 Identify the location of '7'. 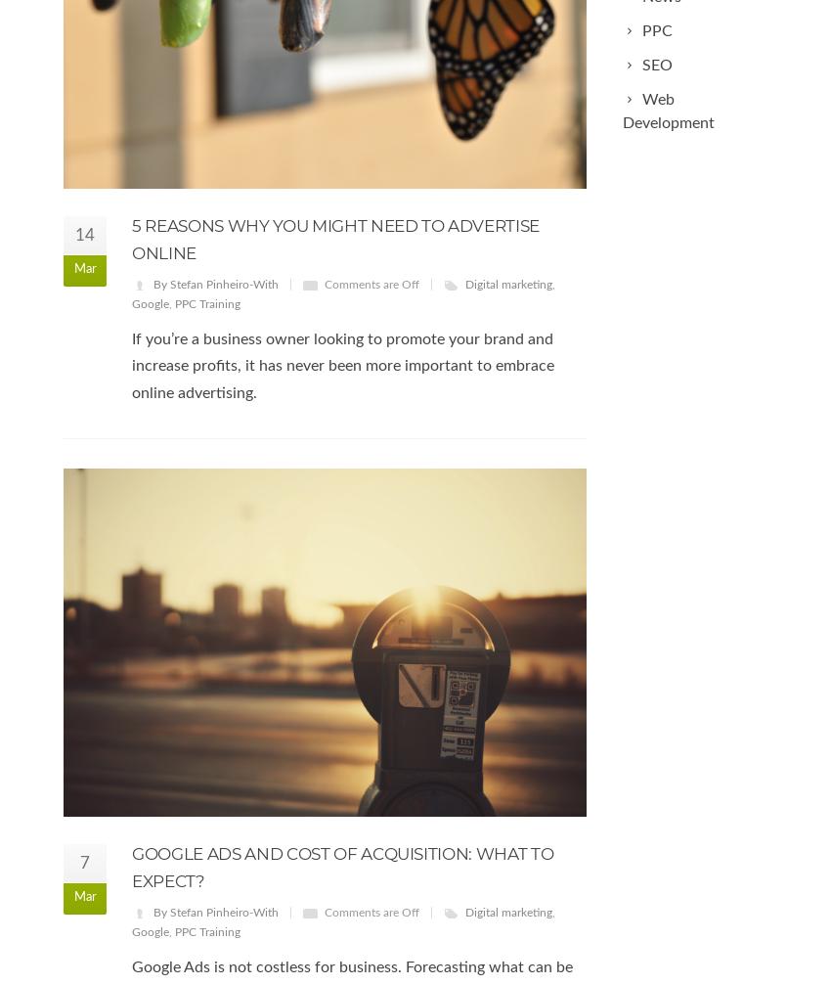
(84, 862).